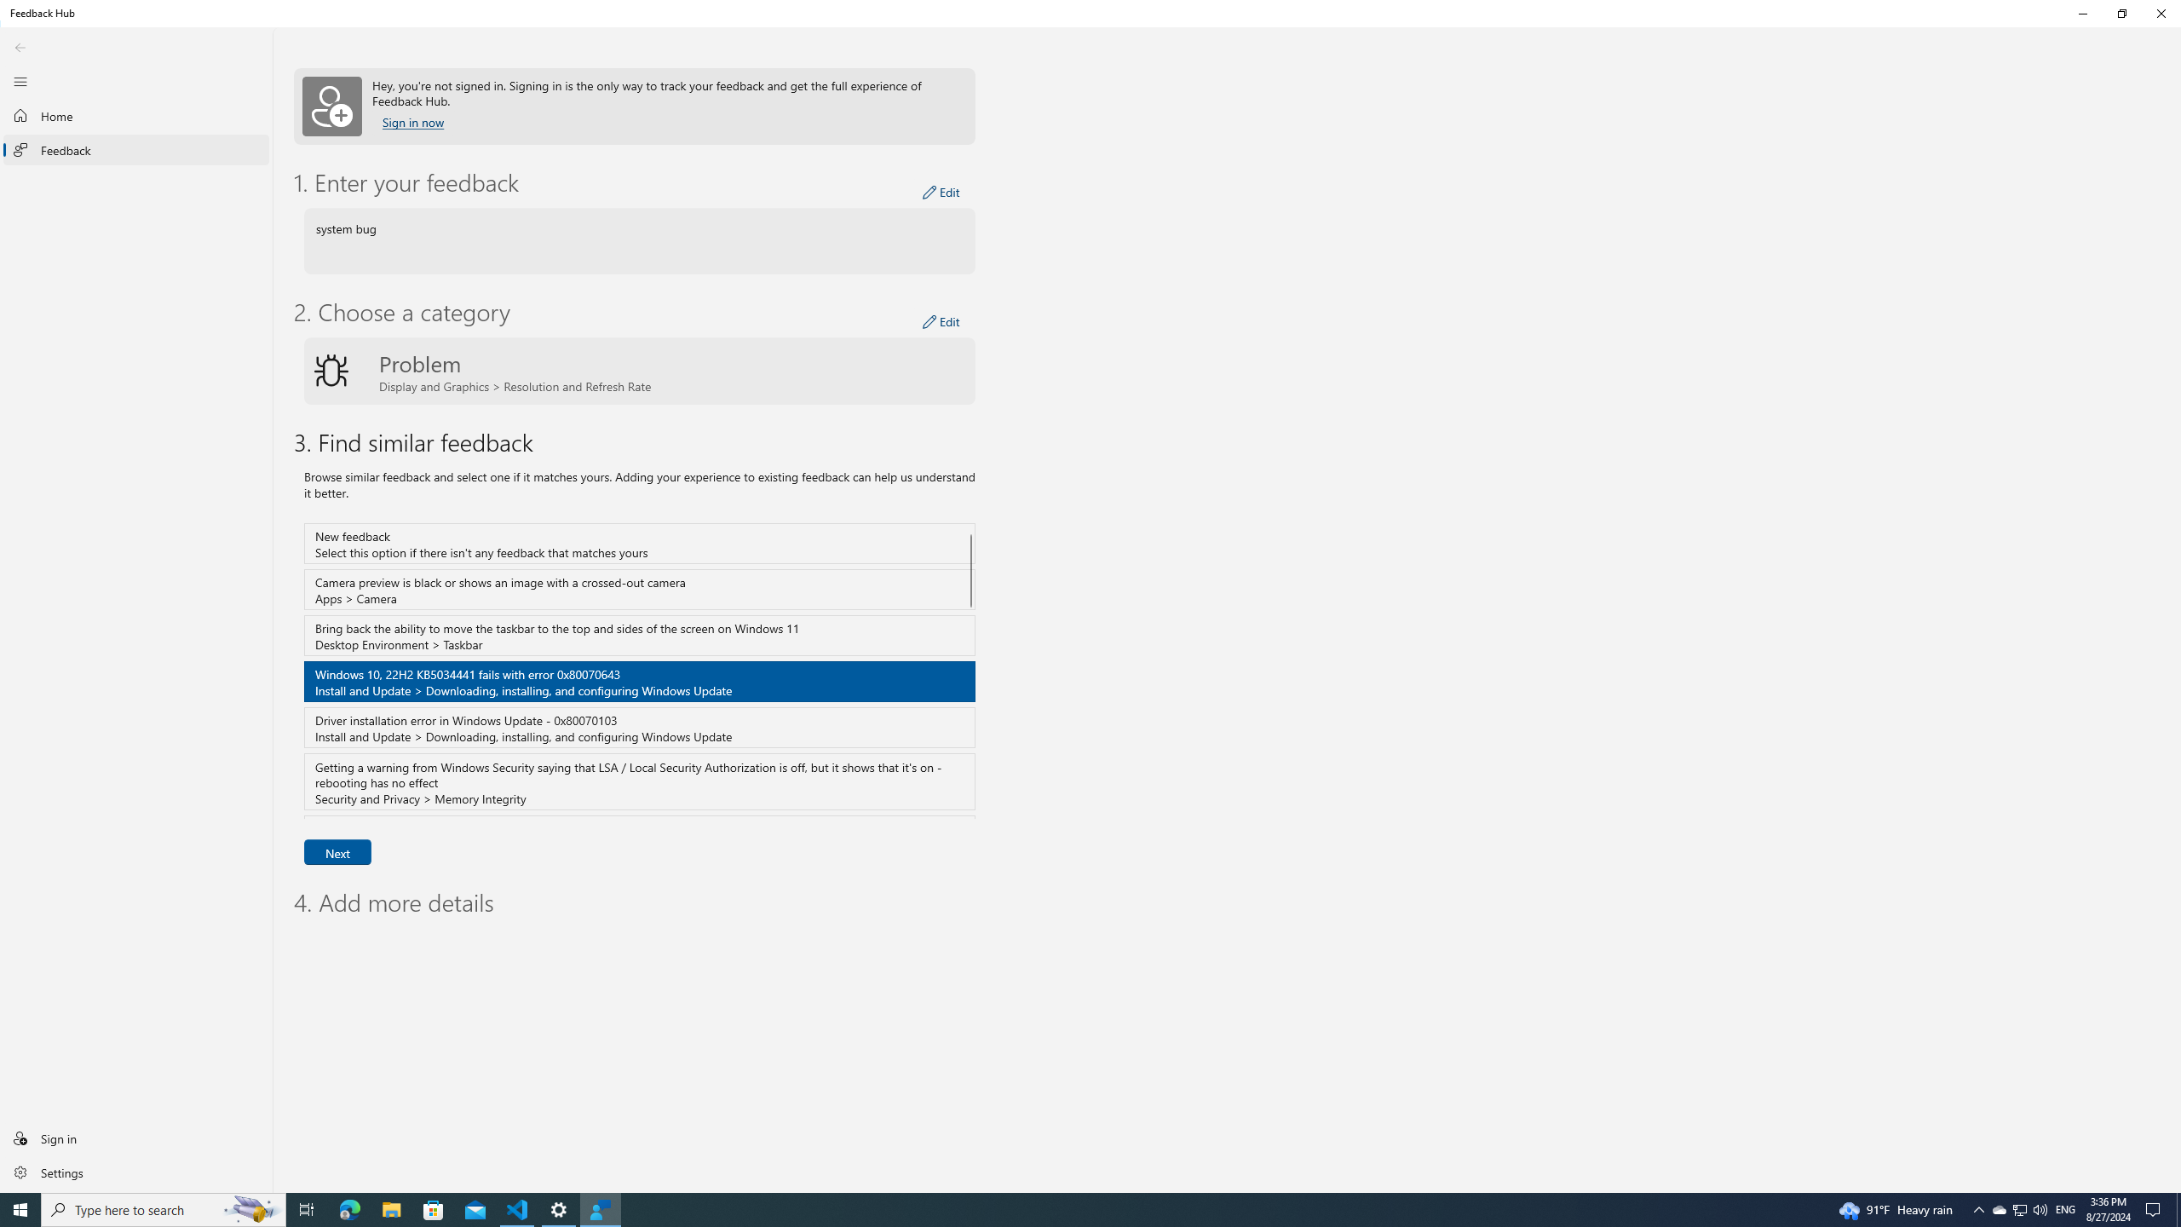 The width and height of the screenshot is (2181, 1227). What do you see at coordinates (337, 851) in the screenshot?
I see `'Next'` at bounding box center [337, 851].